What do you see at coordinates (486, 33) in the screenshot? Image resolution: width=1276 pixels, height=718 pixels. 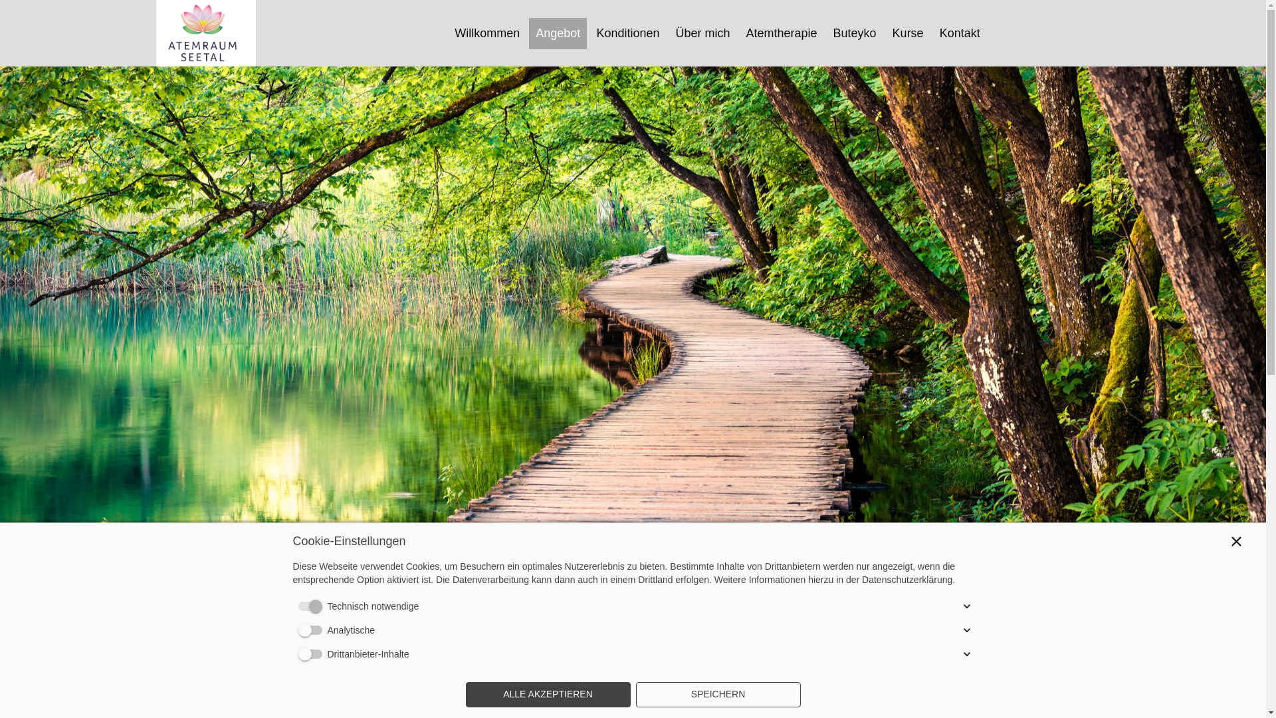 I see `'Willkommen'` at bounding box center [486, 33].